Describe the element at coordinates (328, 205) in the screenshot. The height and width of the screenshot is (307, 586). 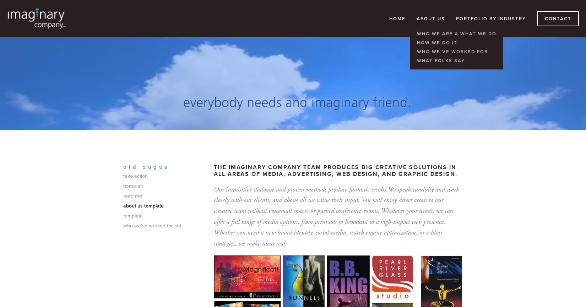
I see `'You will enjoy direct access to our creative team without voicemail mazes or packed conference rooms.'` at that location.